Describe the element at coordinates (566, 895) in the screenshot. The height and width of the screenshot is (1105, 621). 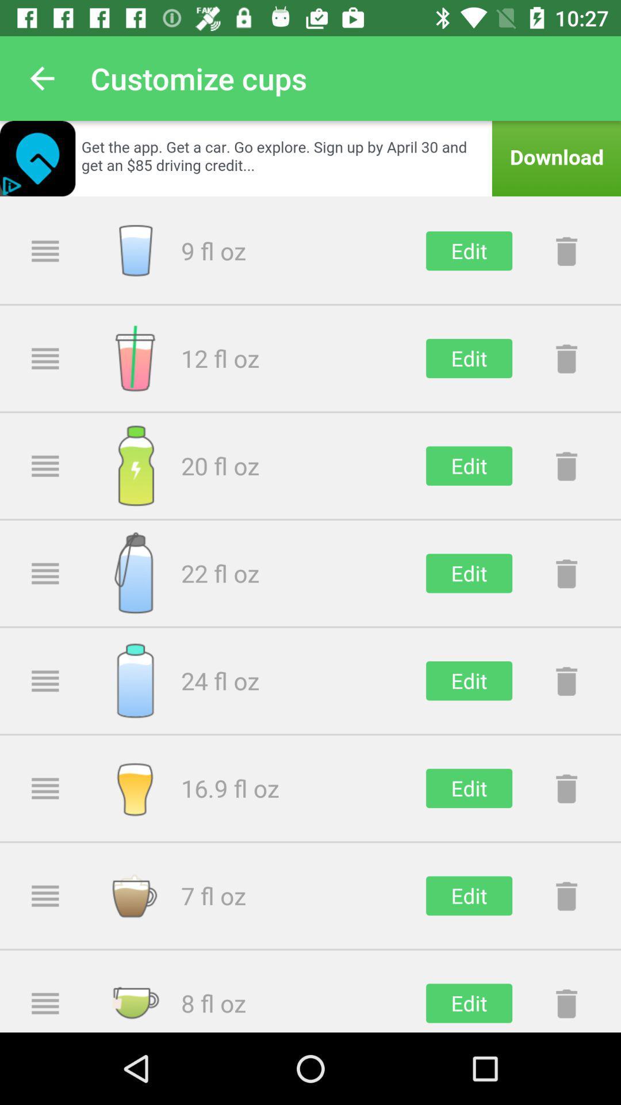
I see `move to trash` at that location.